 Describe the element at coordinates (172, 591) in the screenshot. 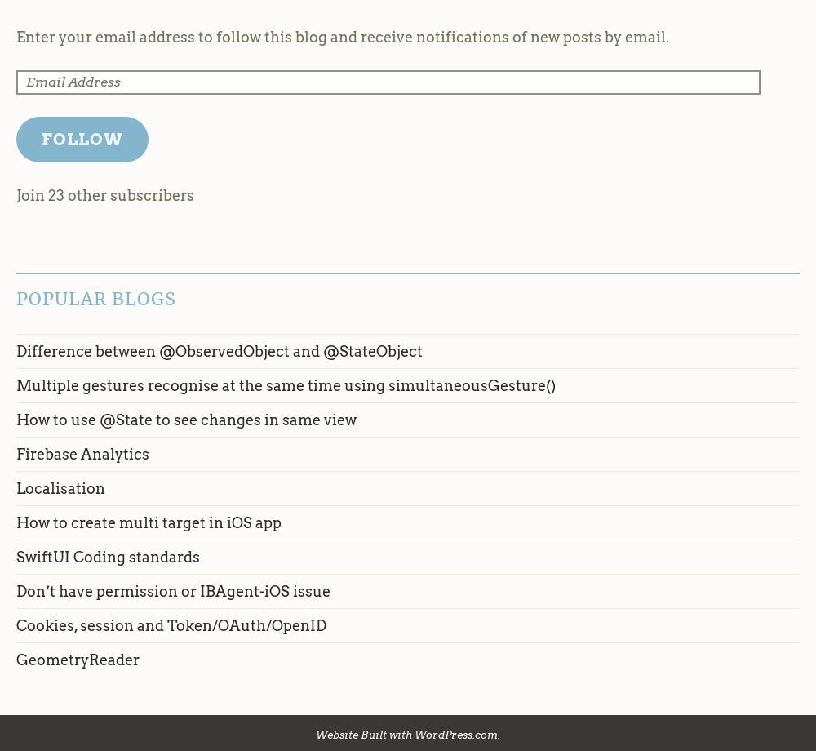

I see `'Don’t have permission or IBAgent-iOS issue'` at that location.